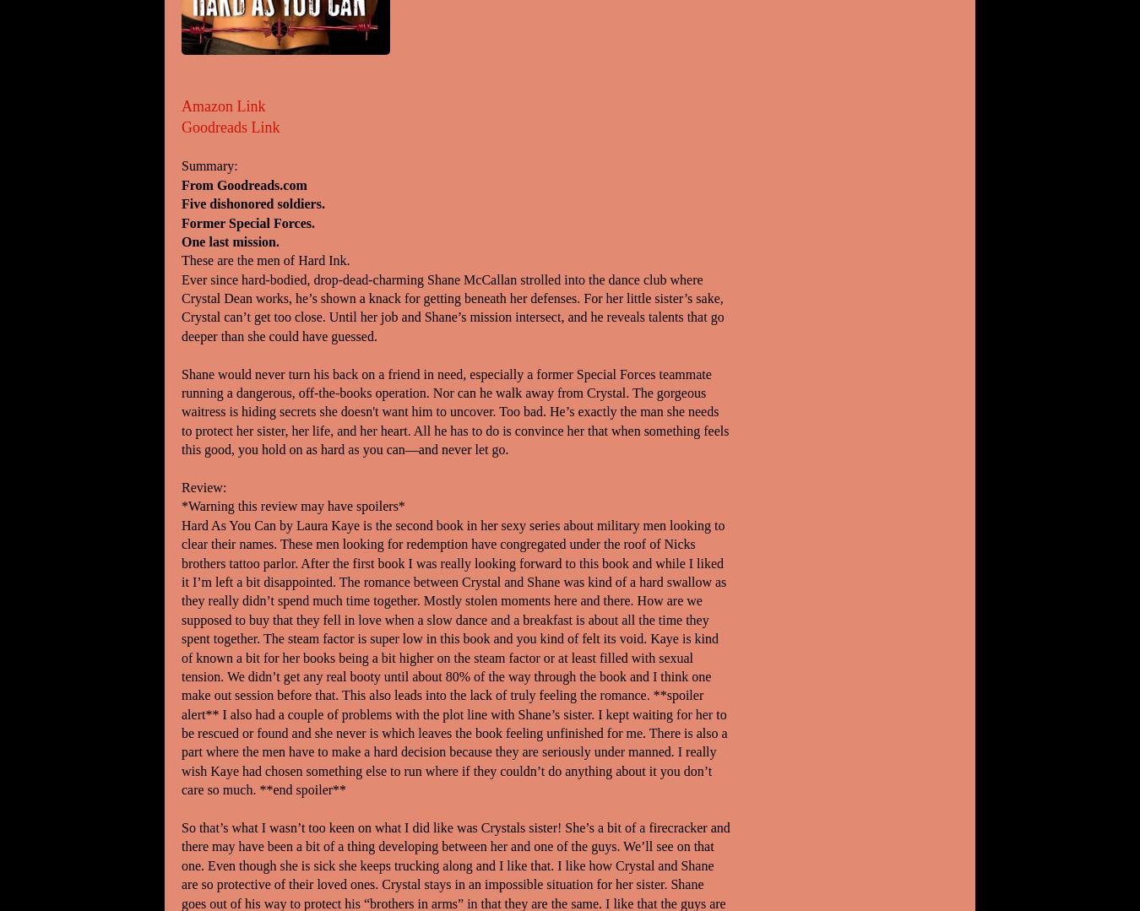 The width and height of the screenshot is (1140, 911). I want to click on 'Review:', so click(203, 486).